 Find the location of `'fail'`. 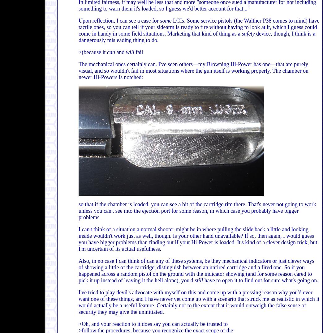

'fail' is located at coordinates (134, 52).